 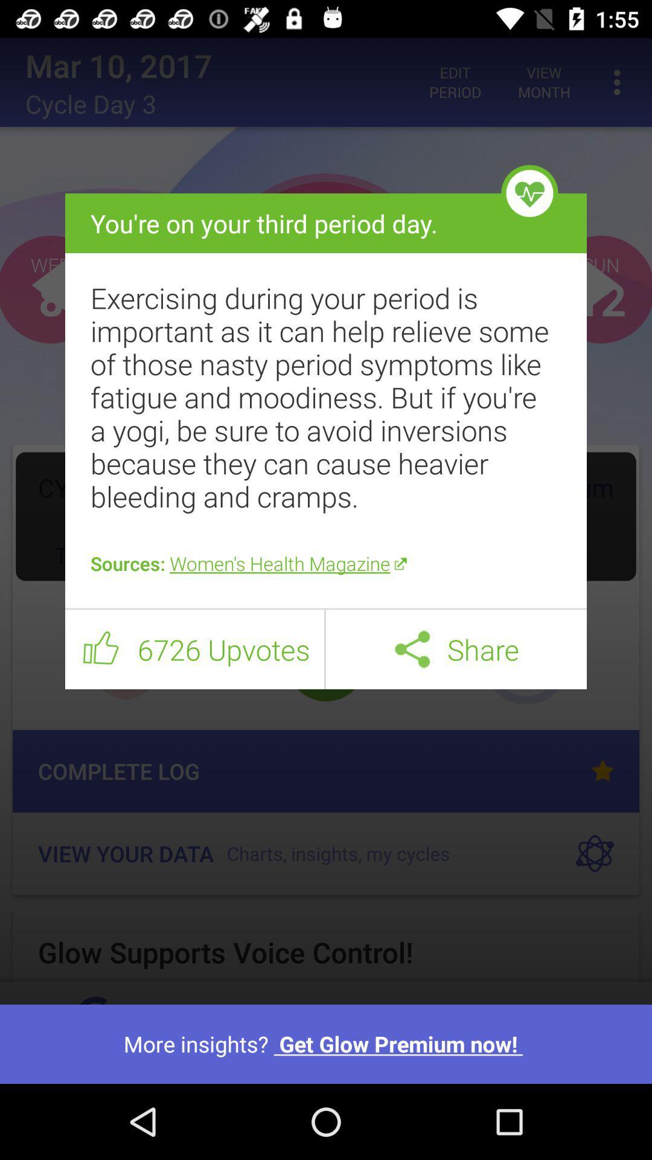 I want to click on the more insights get item, so click(x=326, y=1043).